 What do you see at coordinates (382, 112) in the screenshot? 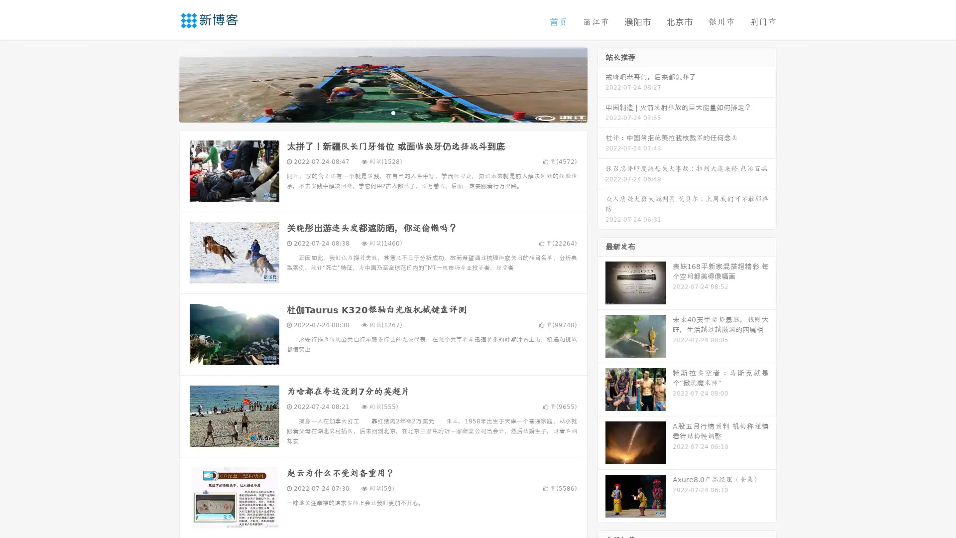
I see `Go to slide 2` at bounding box center [382, 112].